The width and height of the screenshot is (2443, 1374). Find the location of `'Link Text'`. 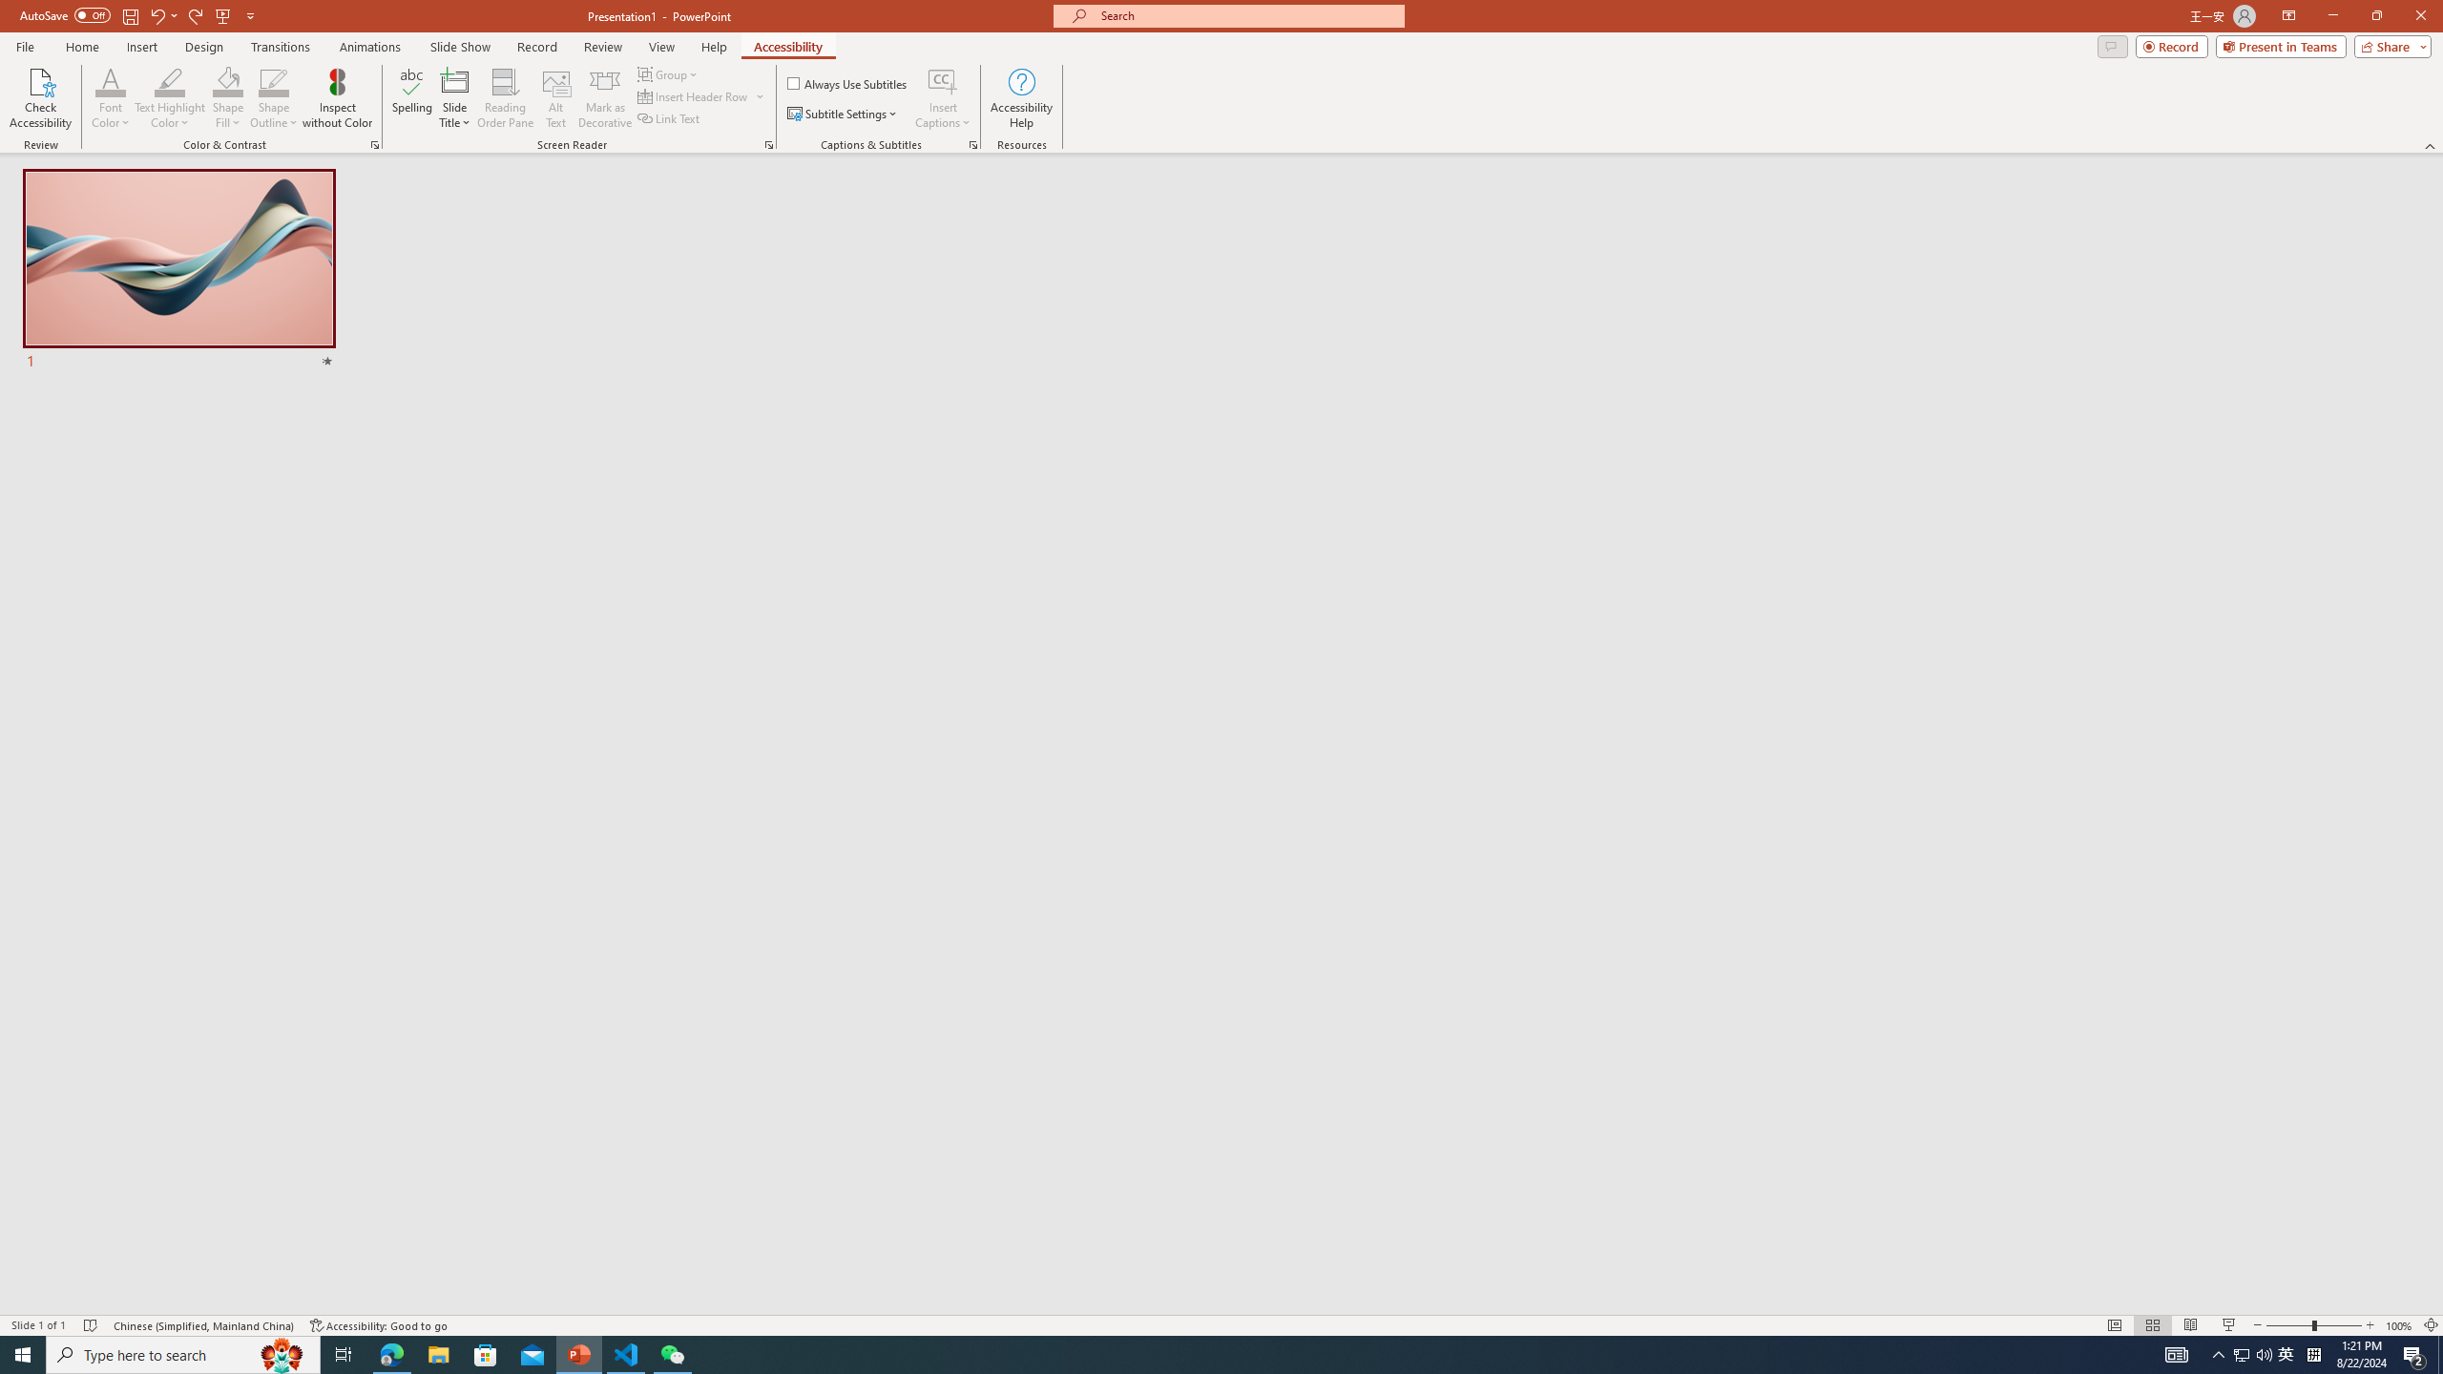

'Link Text' is located at coordinates (669, 116).